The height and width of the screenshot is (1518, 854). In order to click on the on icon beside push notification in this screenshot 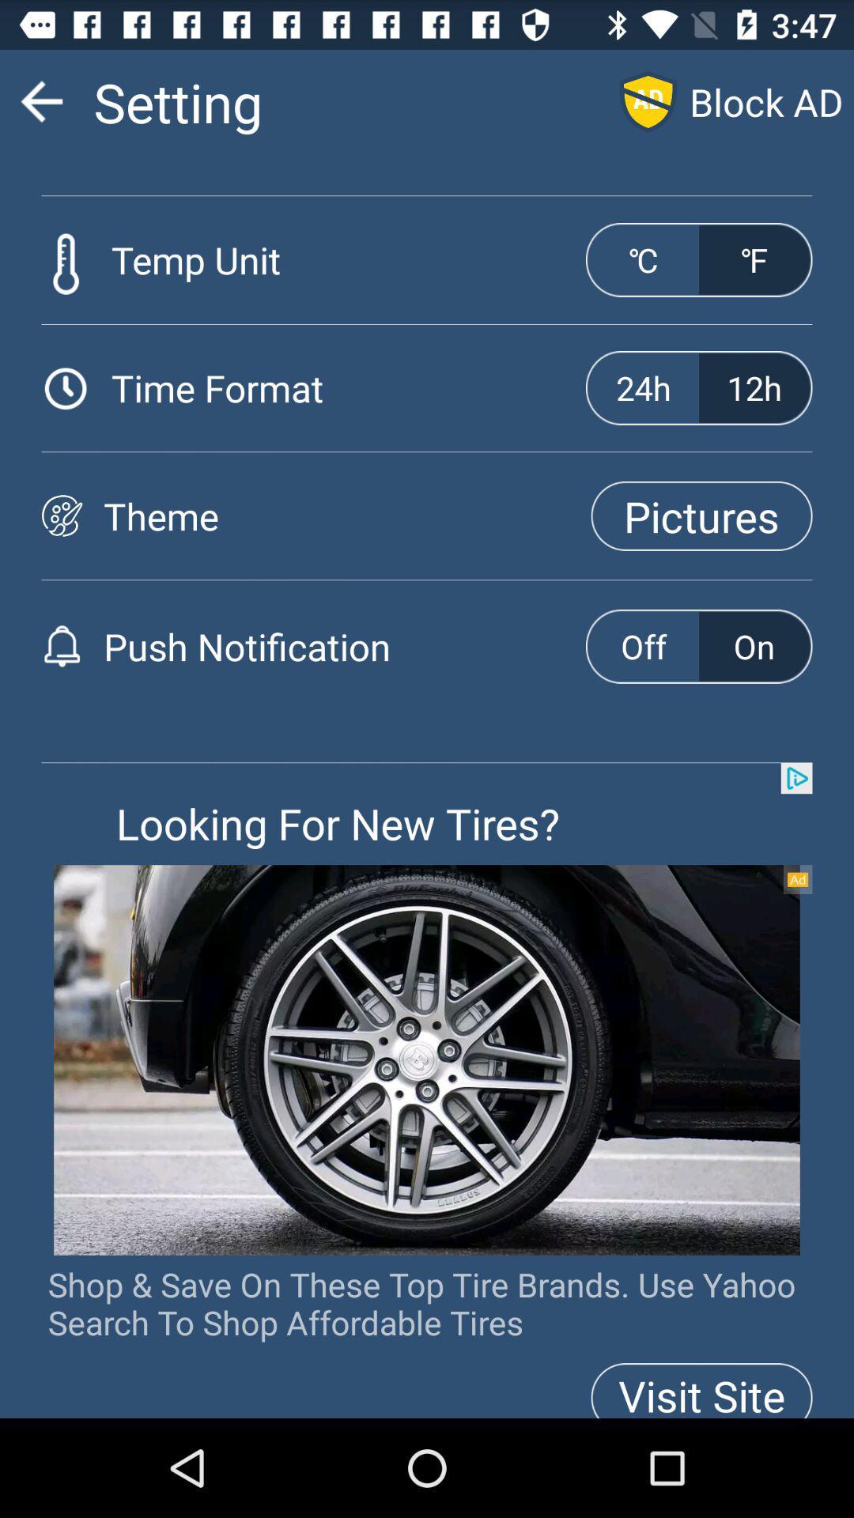, I will do `click(754, 646)`.